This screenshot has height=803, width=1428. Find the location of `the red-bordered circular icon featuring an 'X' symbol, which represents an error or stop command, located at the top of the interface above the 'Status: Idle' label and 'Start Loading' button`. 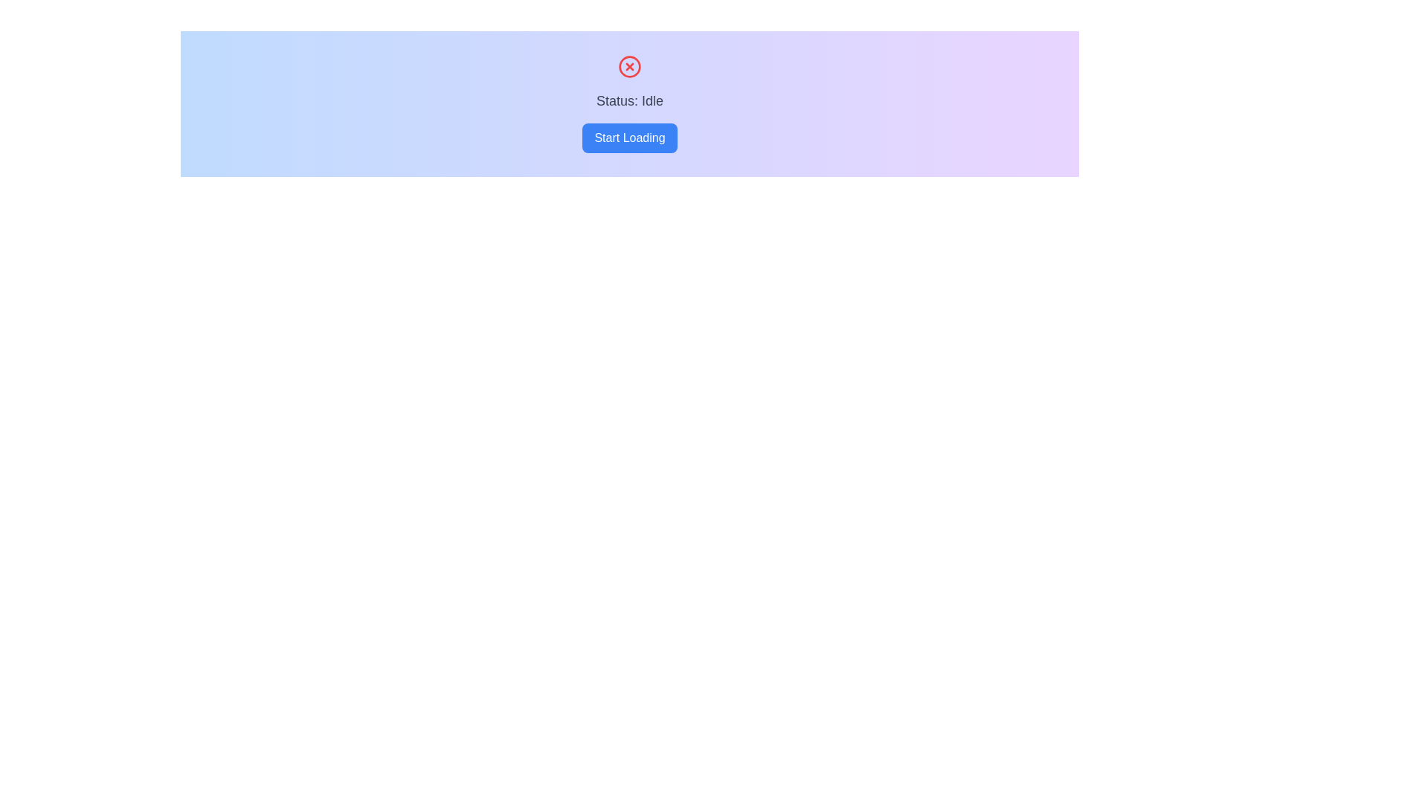

the red-bordered circular icon featuring an 'X' symbol, which represents an error or stop command, located at the top of the interface above the 'Status: Idle' label and 'Start Loading' button is located at coordinates (629, 65).